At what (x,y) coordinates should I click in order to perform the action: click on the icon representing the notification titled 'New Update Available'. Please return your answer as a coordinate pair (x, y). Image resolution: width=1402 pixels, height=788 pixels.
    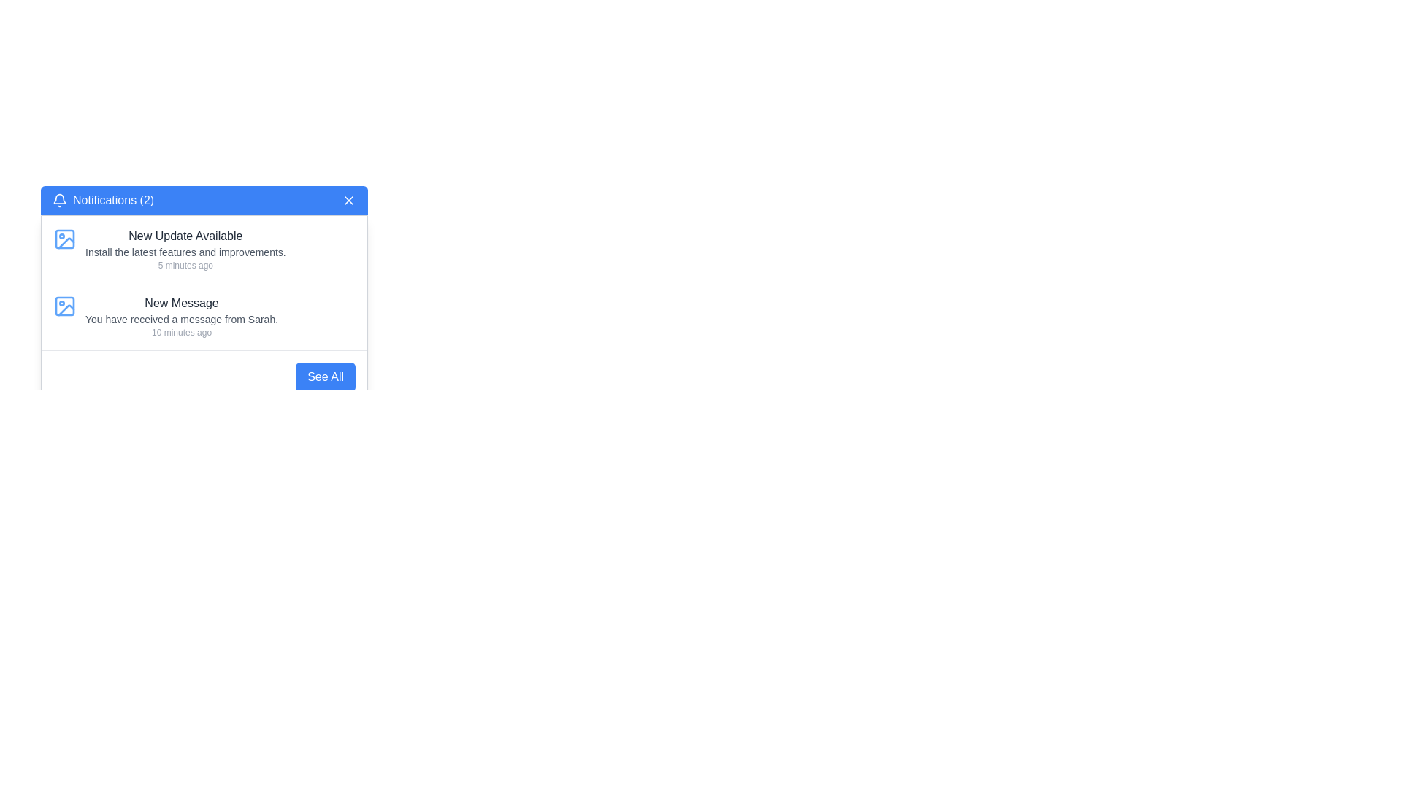
    Looking at the image, I should click on (64, 238).